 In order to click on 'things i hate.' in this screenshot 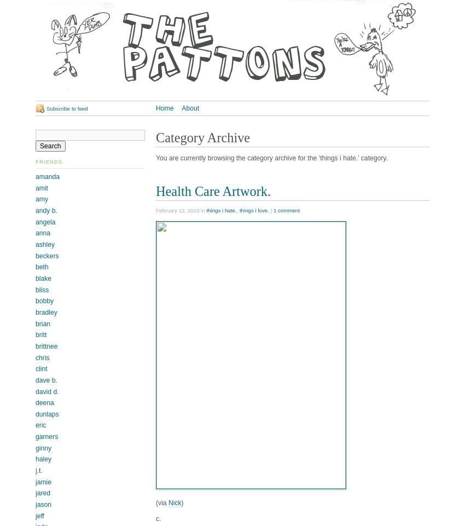, I will do `click(205, 210)`.